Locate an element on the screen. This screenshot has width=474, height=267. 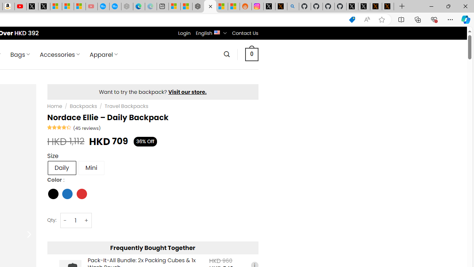
' 0 ' is located at coordinates (251, 54).